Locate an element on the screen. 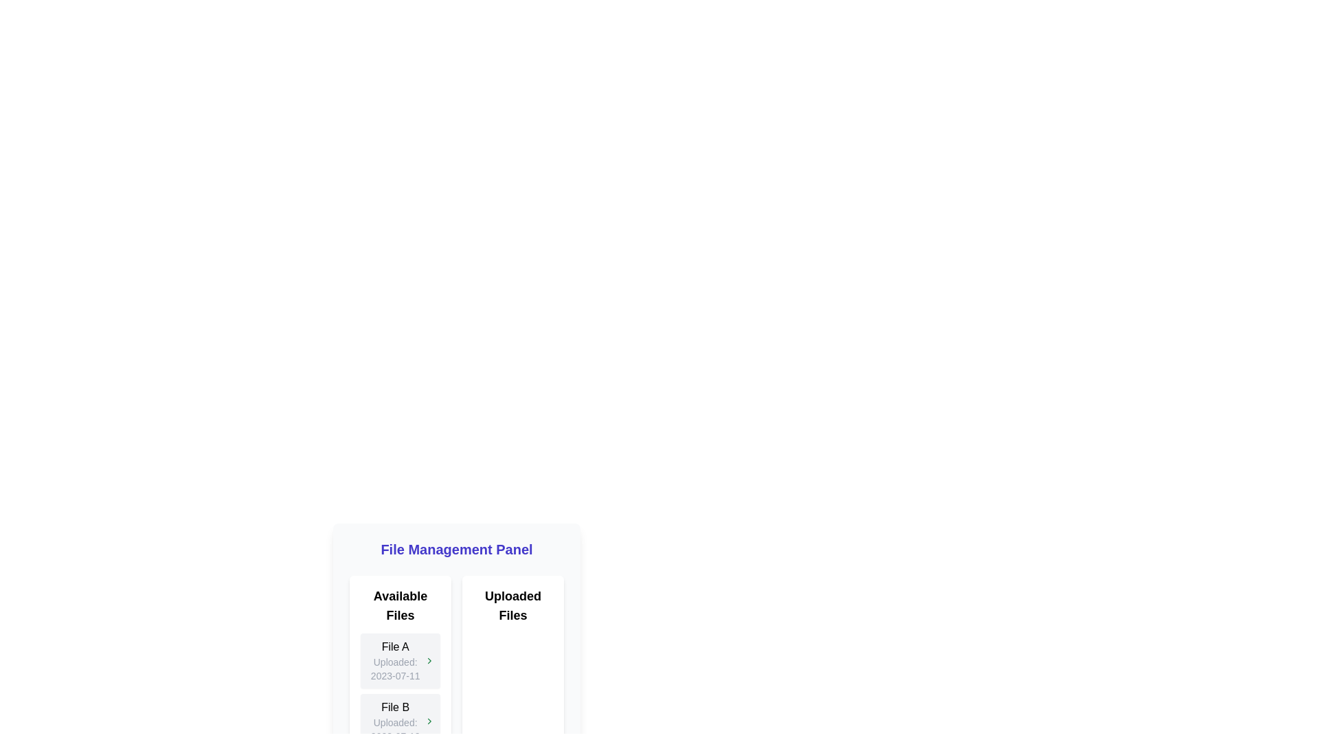 This screenshot has height=742, width=1319. the bold, large-sized title text 'File Management Panel' in indigo color, which is located at the top of the panel interface is located at coordinates (457, 548).